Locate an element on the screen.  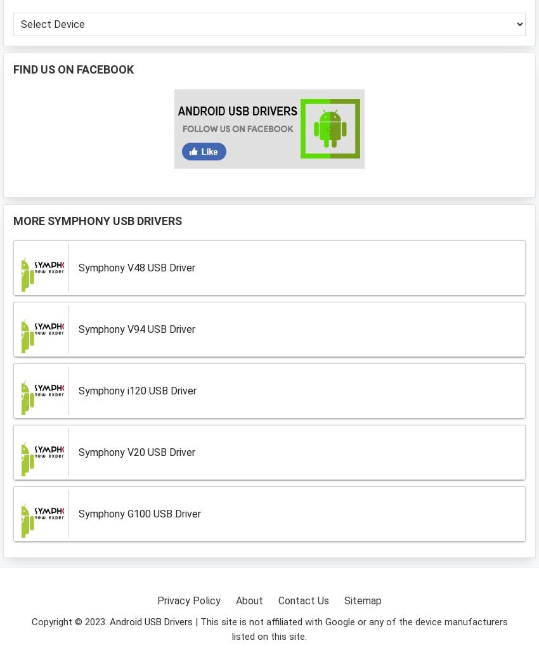
'Symphony G100 USB Driver' is located at coordinates (140, 513).